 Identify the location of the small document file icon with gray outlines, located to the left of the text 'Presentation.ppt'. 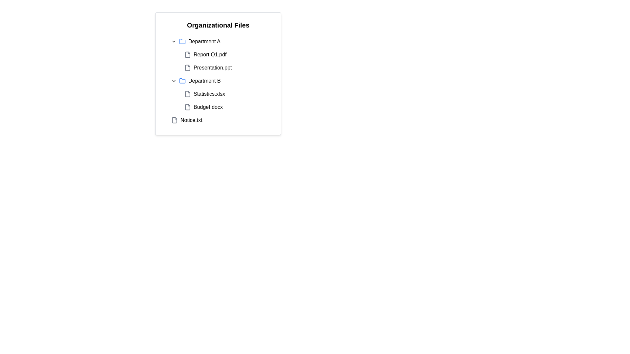
(187, 68).